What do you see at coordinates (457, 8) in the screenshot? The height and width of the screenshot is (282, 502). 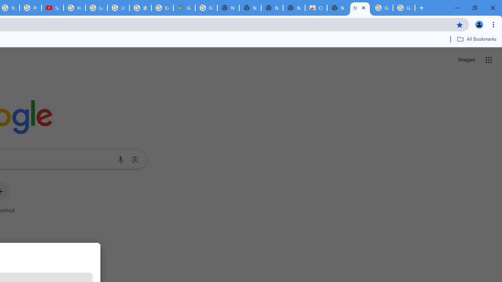 I see `'Minimize'` at bounding box center [457, 8].